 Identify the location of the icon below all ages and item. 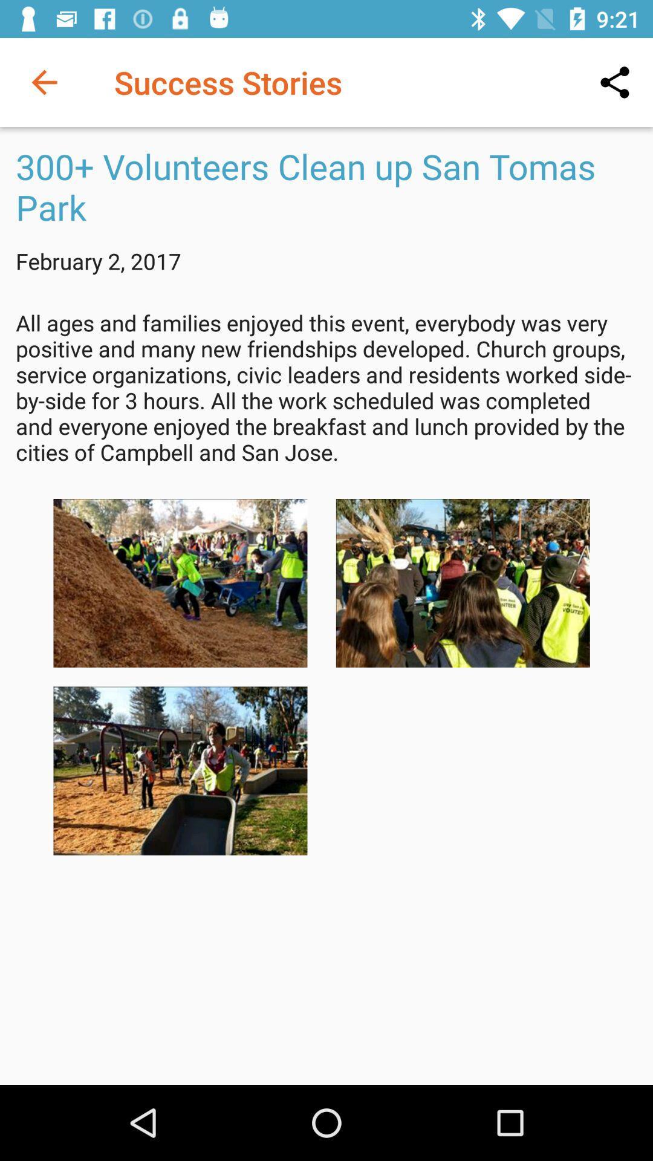
(463, 583).